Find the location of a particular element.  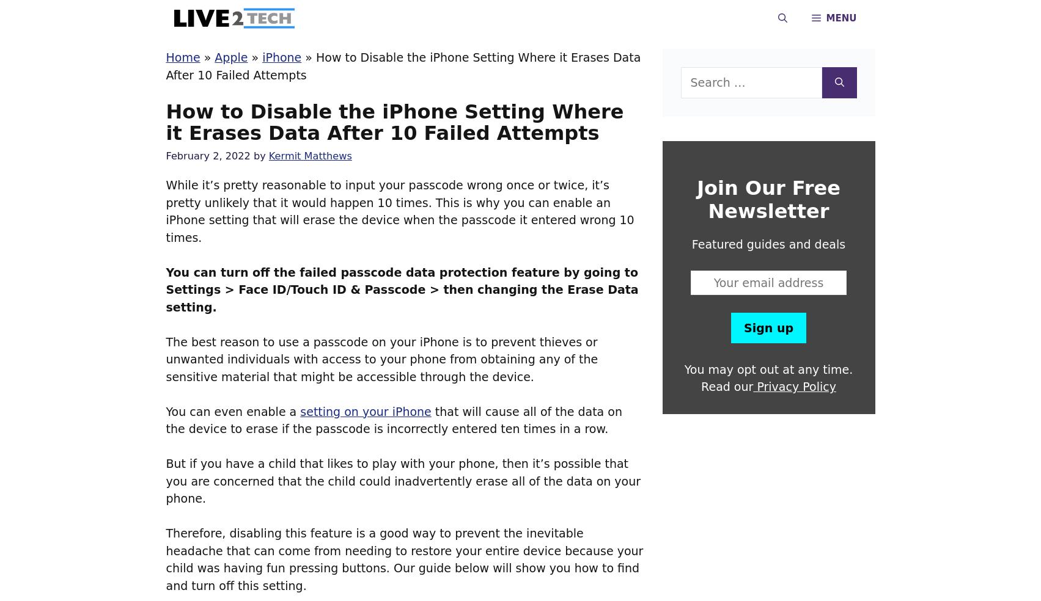

'You can even enable a' is located at coordinates (232, 410).